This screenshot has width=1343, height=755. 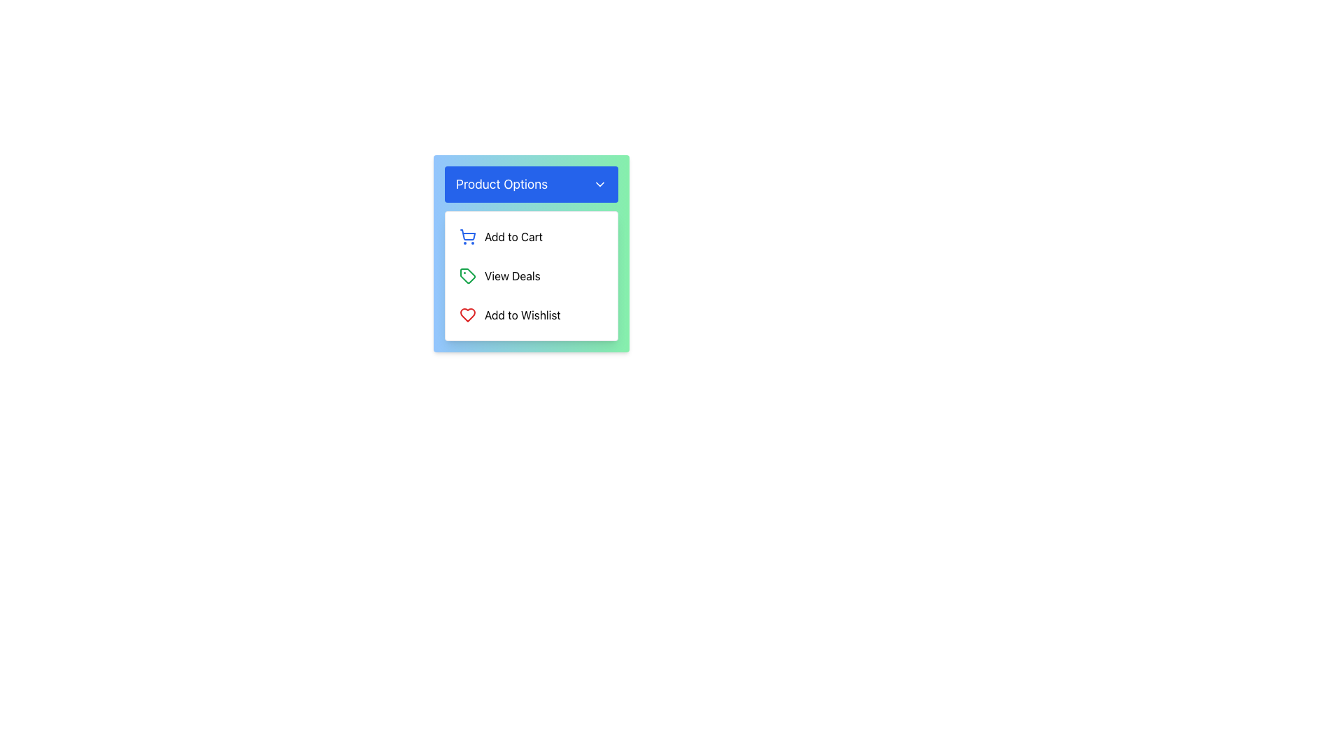 What do you see at coordinates (522, 315) in the screenshot?
I see `the 'Add to Wishlist' text label in the 'Product Options' dropdown menu` at bounding box center [522, 315].